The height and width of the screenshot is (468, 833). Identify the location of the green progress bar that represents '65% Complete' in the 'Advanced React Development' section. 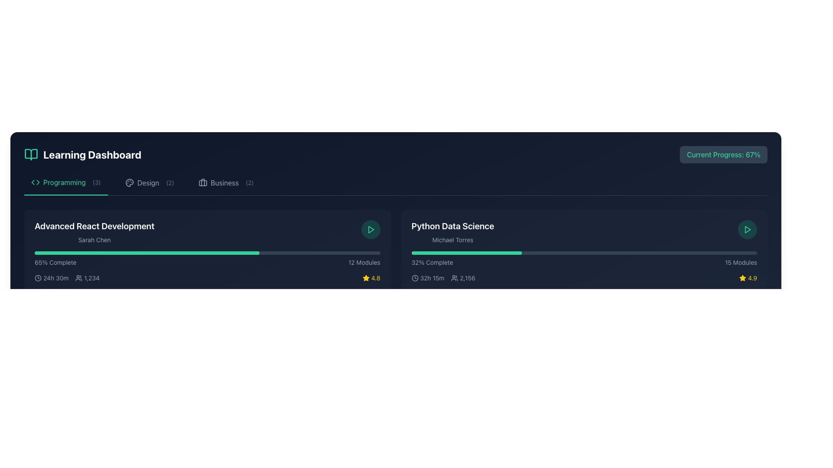
(147, 253).